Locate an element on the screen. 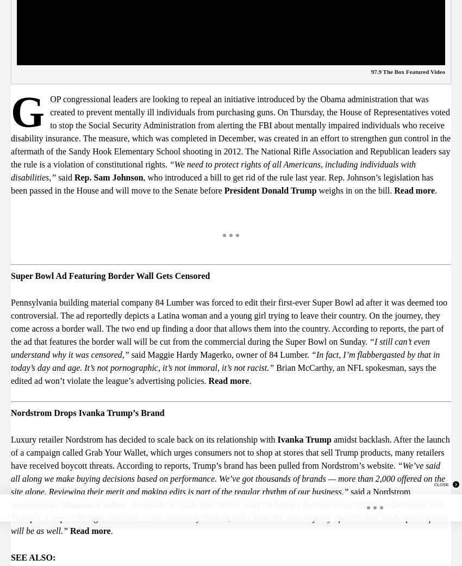  'G' is located at coordinates (10, 111).